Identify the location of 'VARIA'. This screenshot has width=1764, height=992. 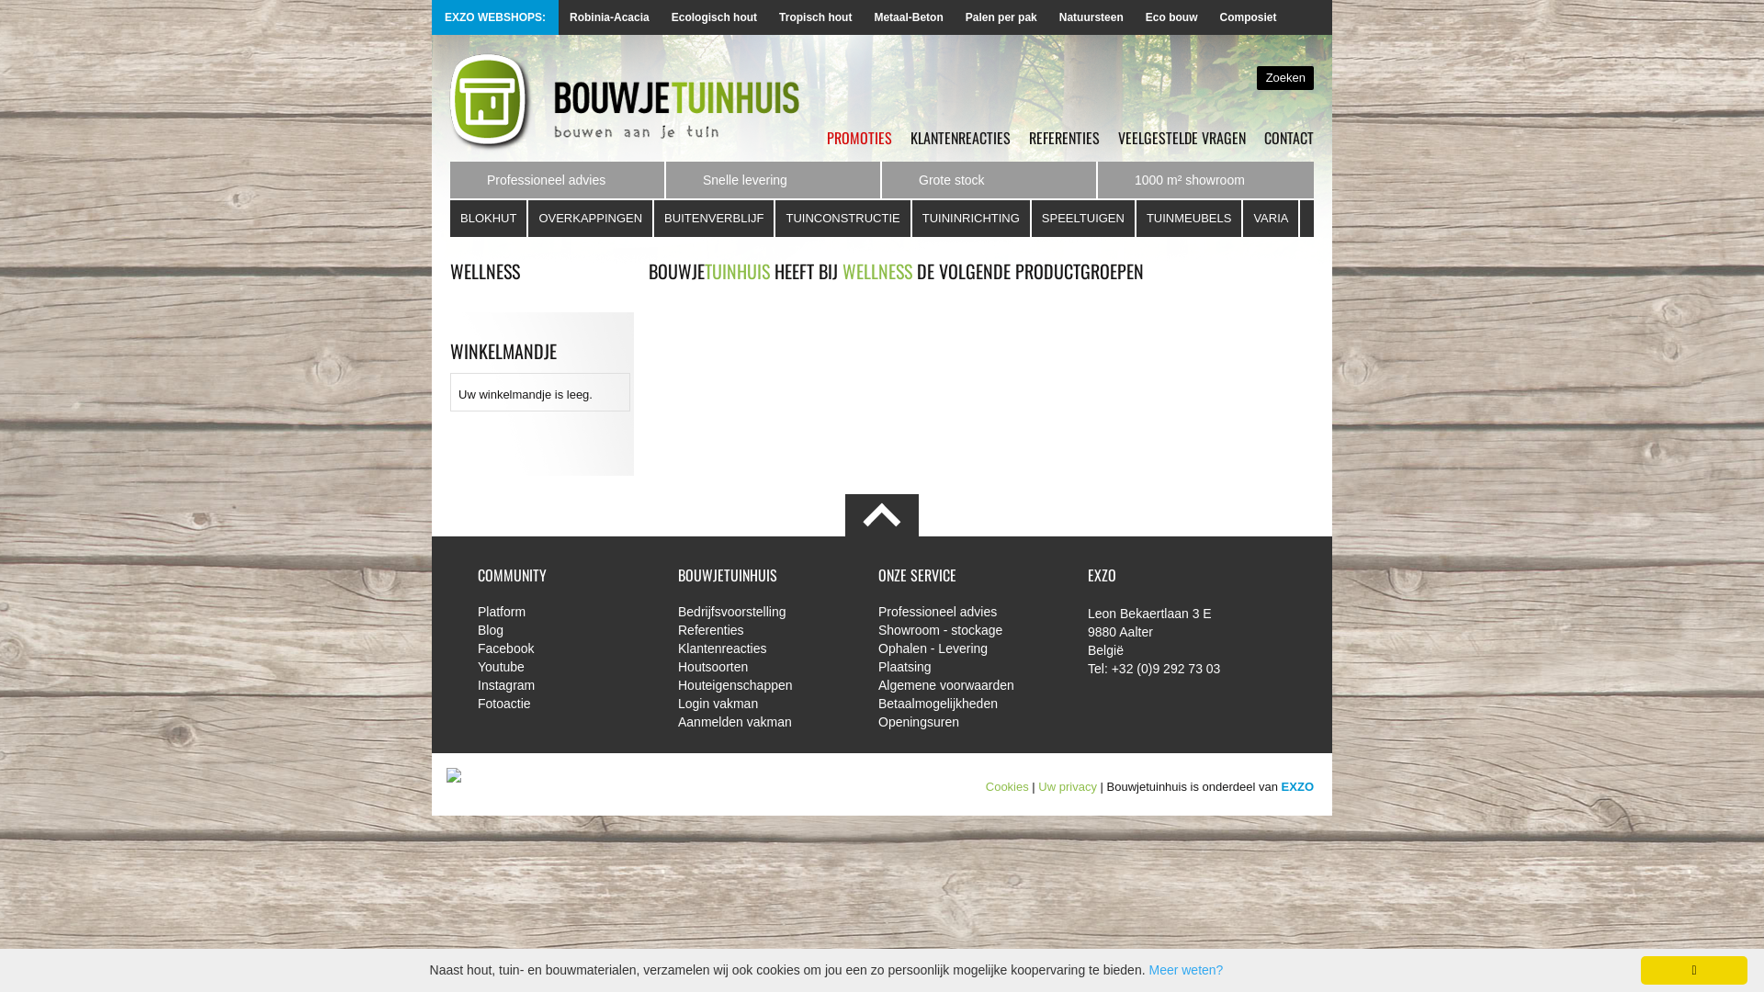
(1243, 218).